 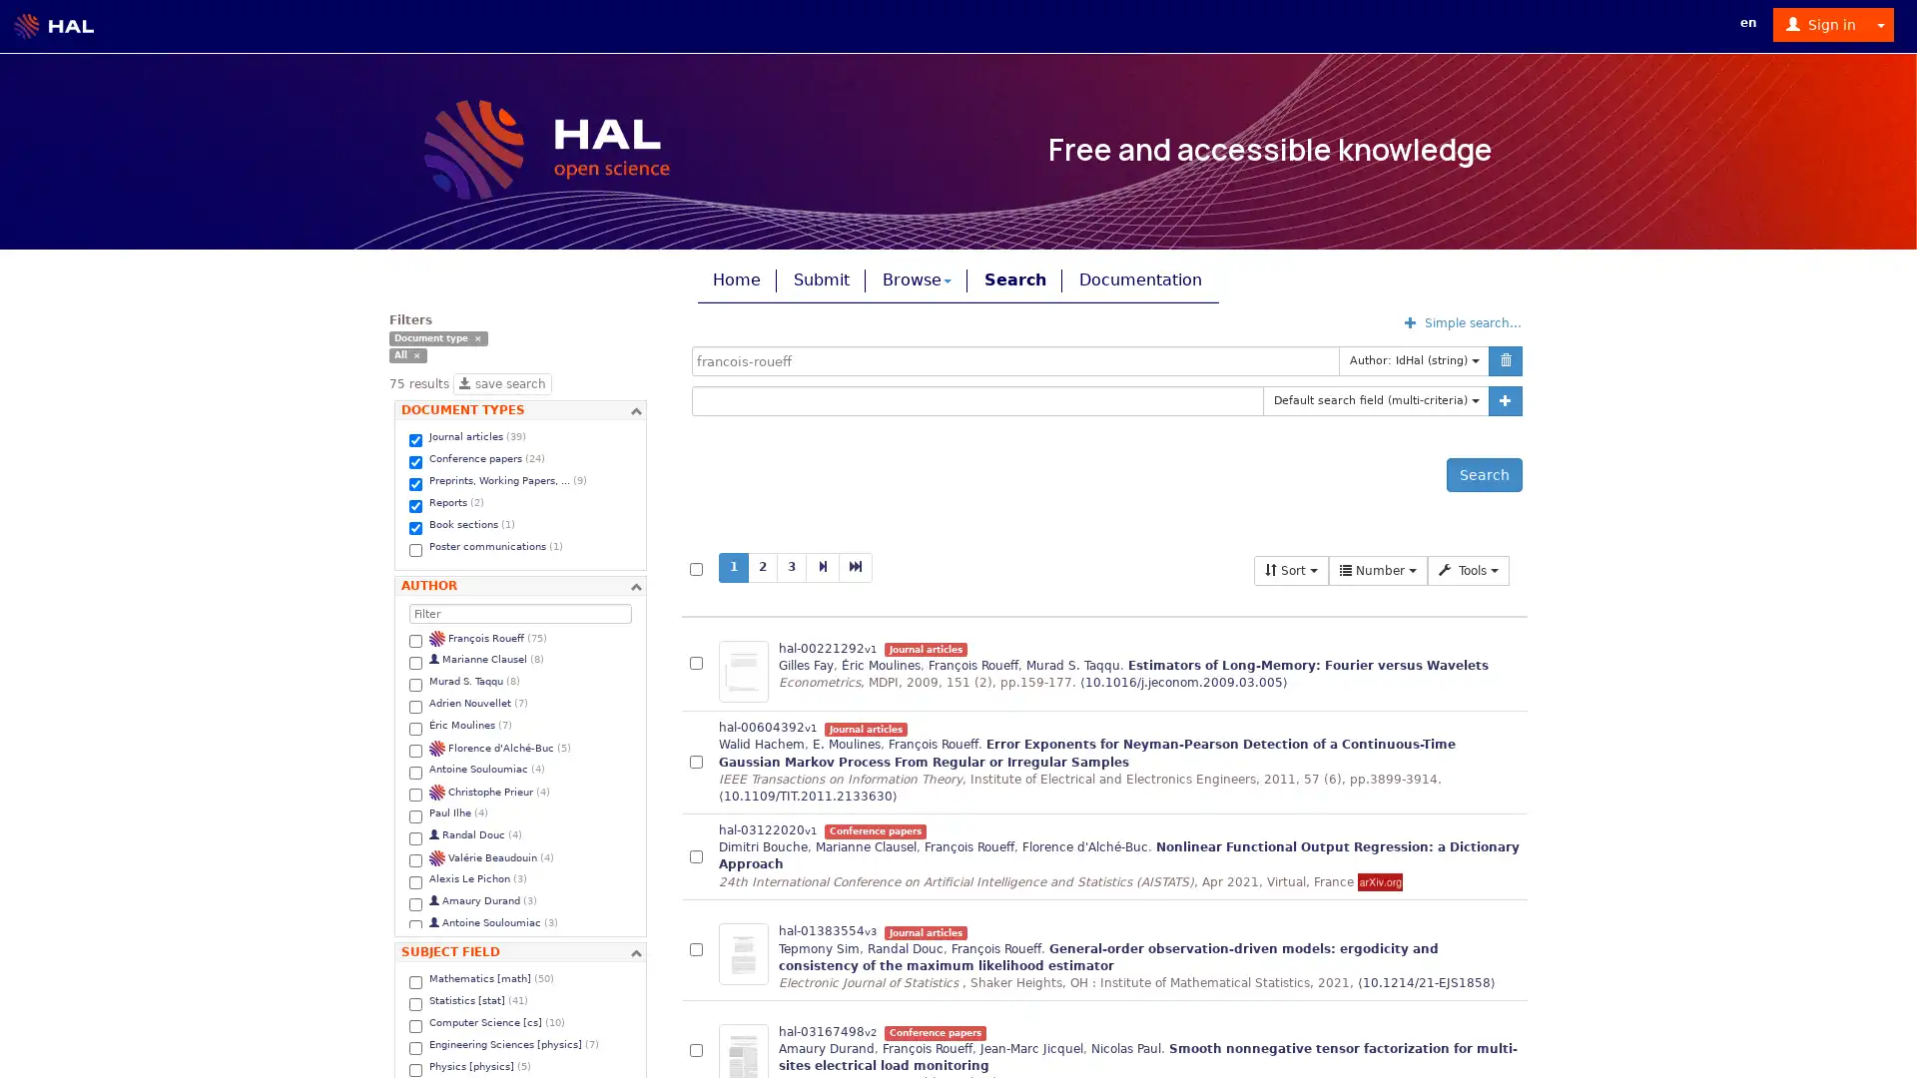 I want to click on Sort, so click(x=1291, y=569).